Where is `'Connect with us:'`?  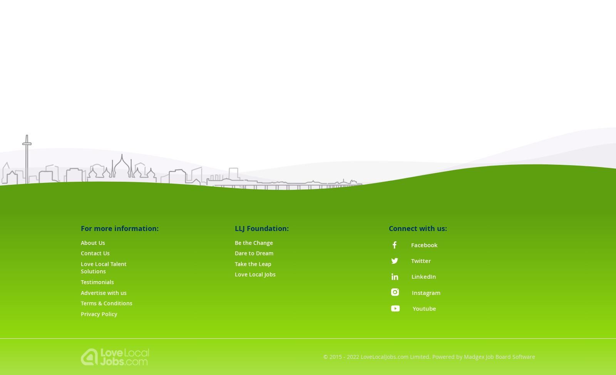
'Connect with us:' is located at coordinates (417, 228).